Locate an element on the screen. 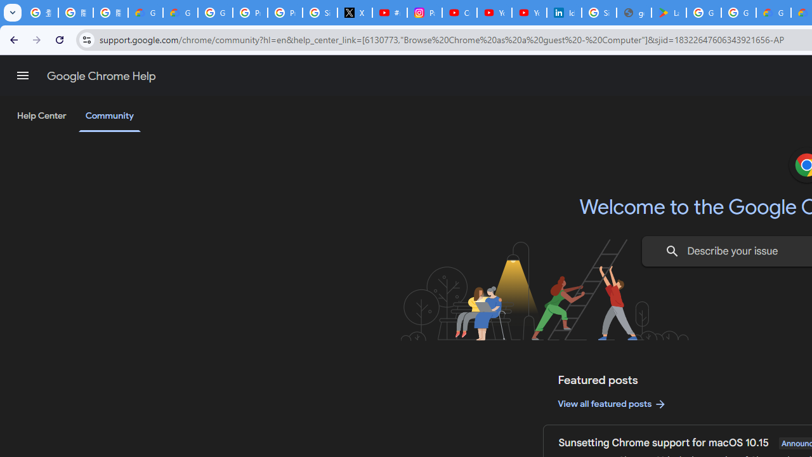  'Identity verification via Persona | LinkedIn Help' is located at coordinates (563, 13).